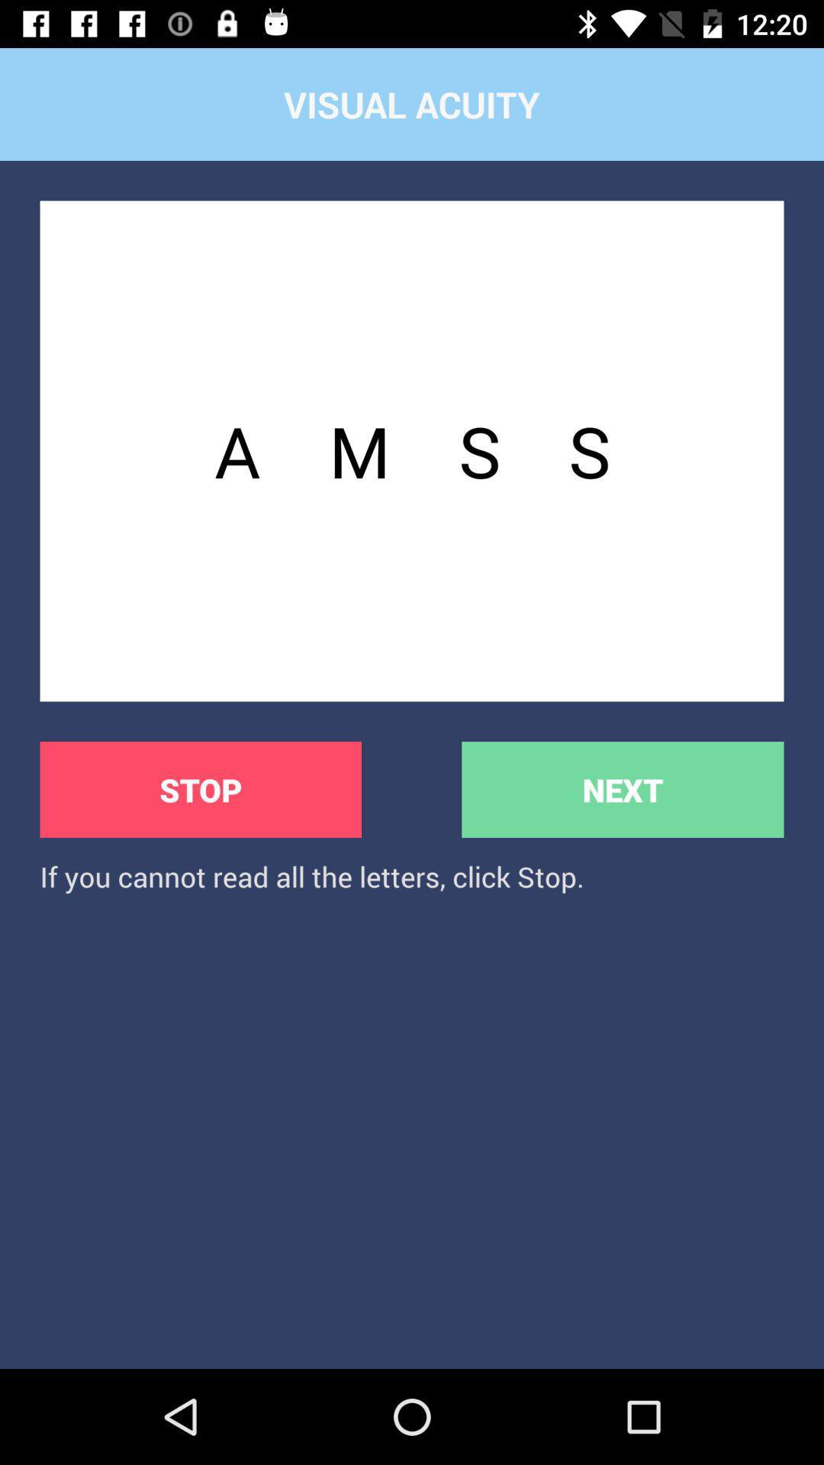  What do you see at coordinates (623, 790) in the screenshot?
I see `the icon above the if you cannot` at bounding box center [623, 790].